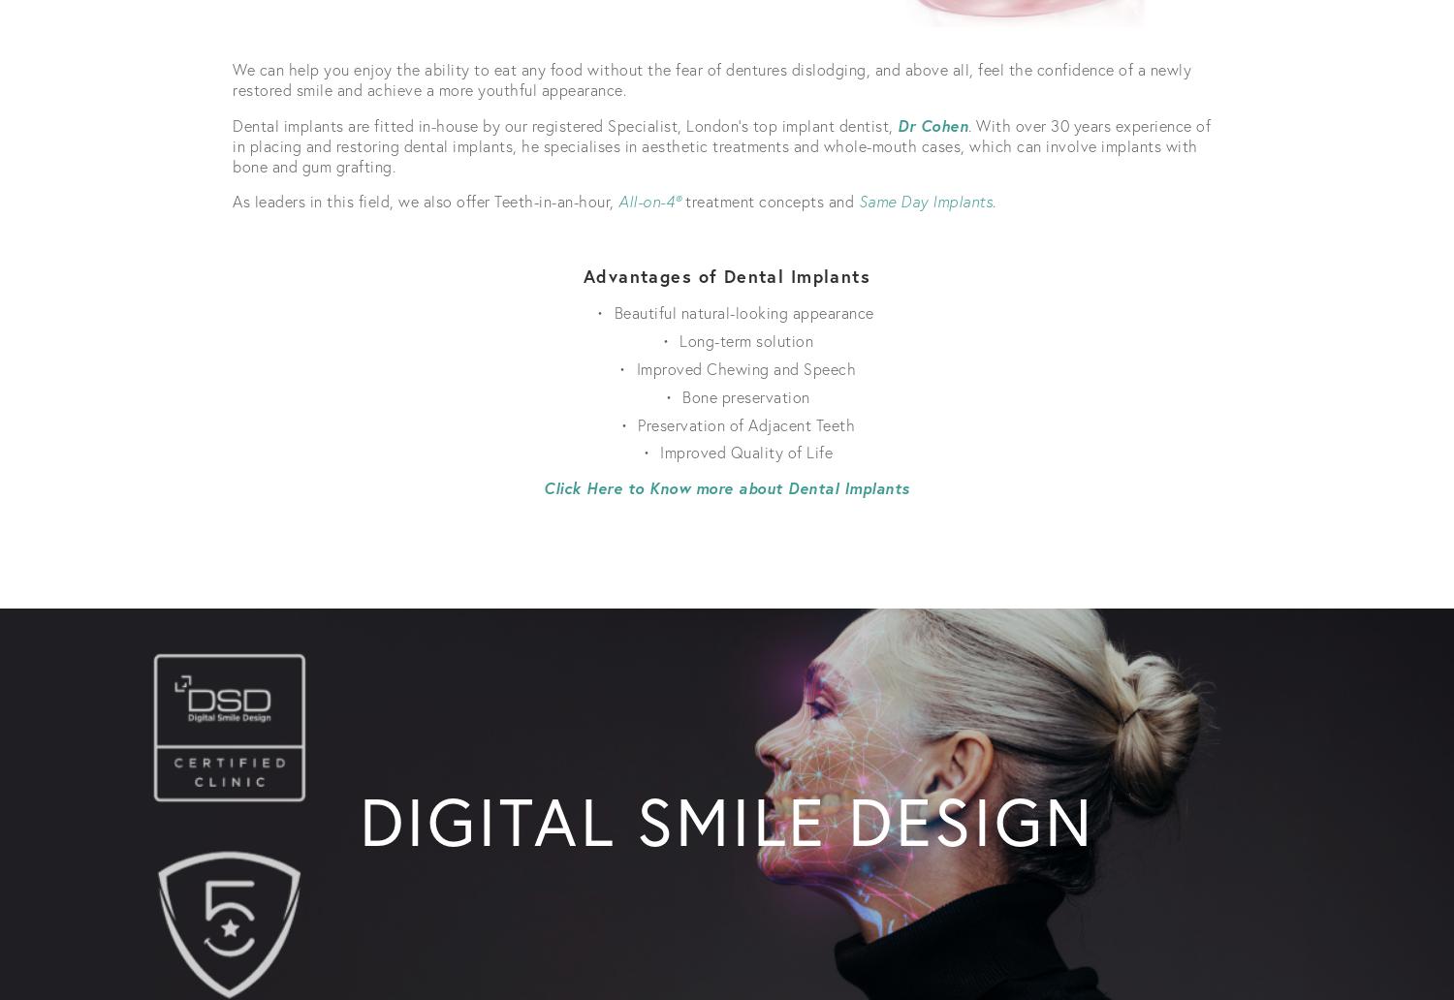  I want to click on 'We can help you enjoy the ability to eat any food without the fear of dentures dislodging, and above all, feel the confidence of a newly restored smile and achieve a more youthful appearance.', so click(712, 79).